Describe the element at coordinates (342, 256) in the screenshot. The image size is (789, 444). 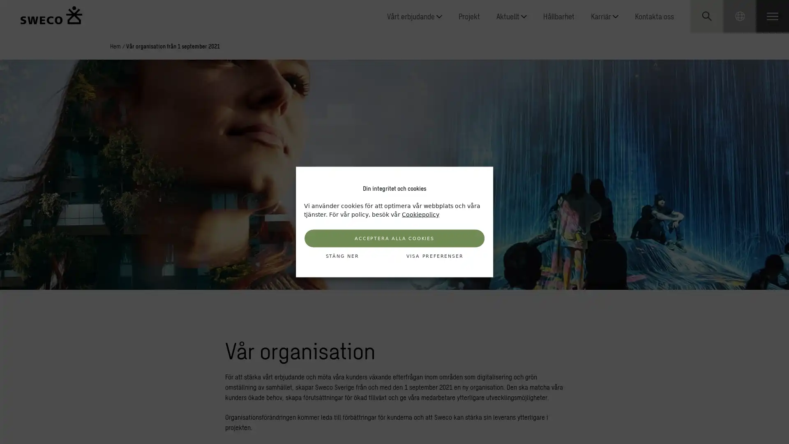
I see `STANG NER` at that location.